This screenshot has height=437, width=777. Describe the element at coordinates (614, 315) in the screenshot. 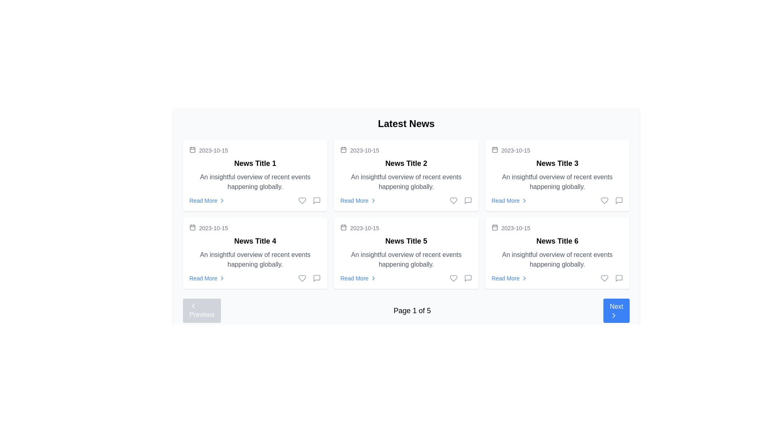

I see `the right-chevron icon, which is located at the center of the 'Next' button in the bottom-right segment of the interface, indicating navigation to the next action` at that location.